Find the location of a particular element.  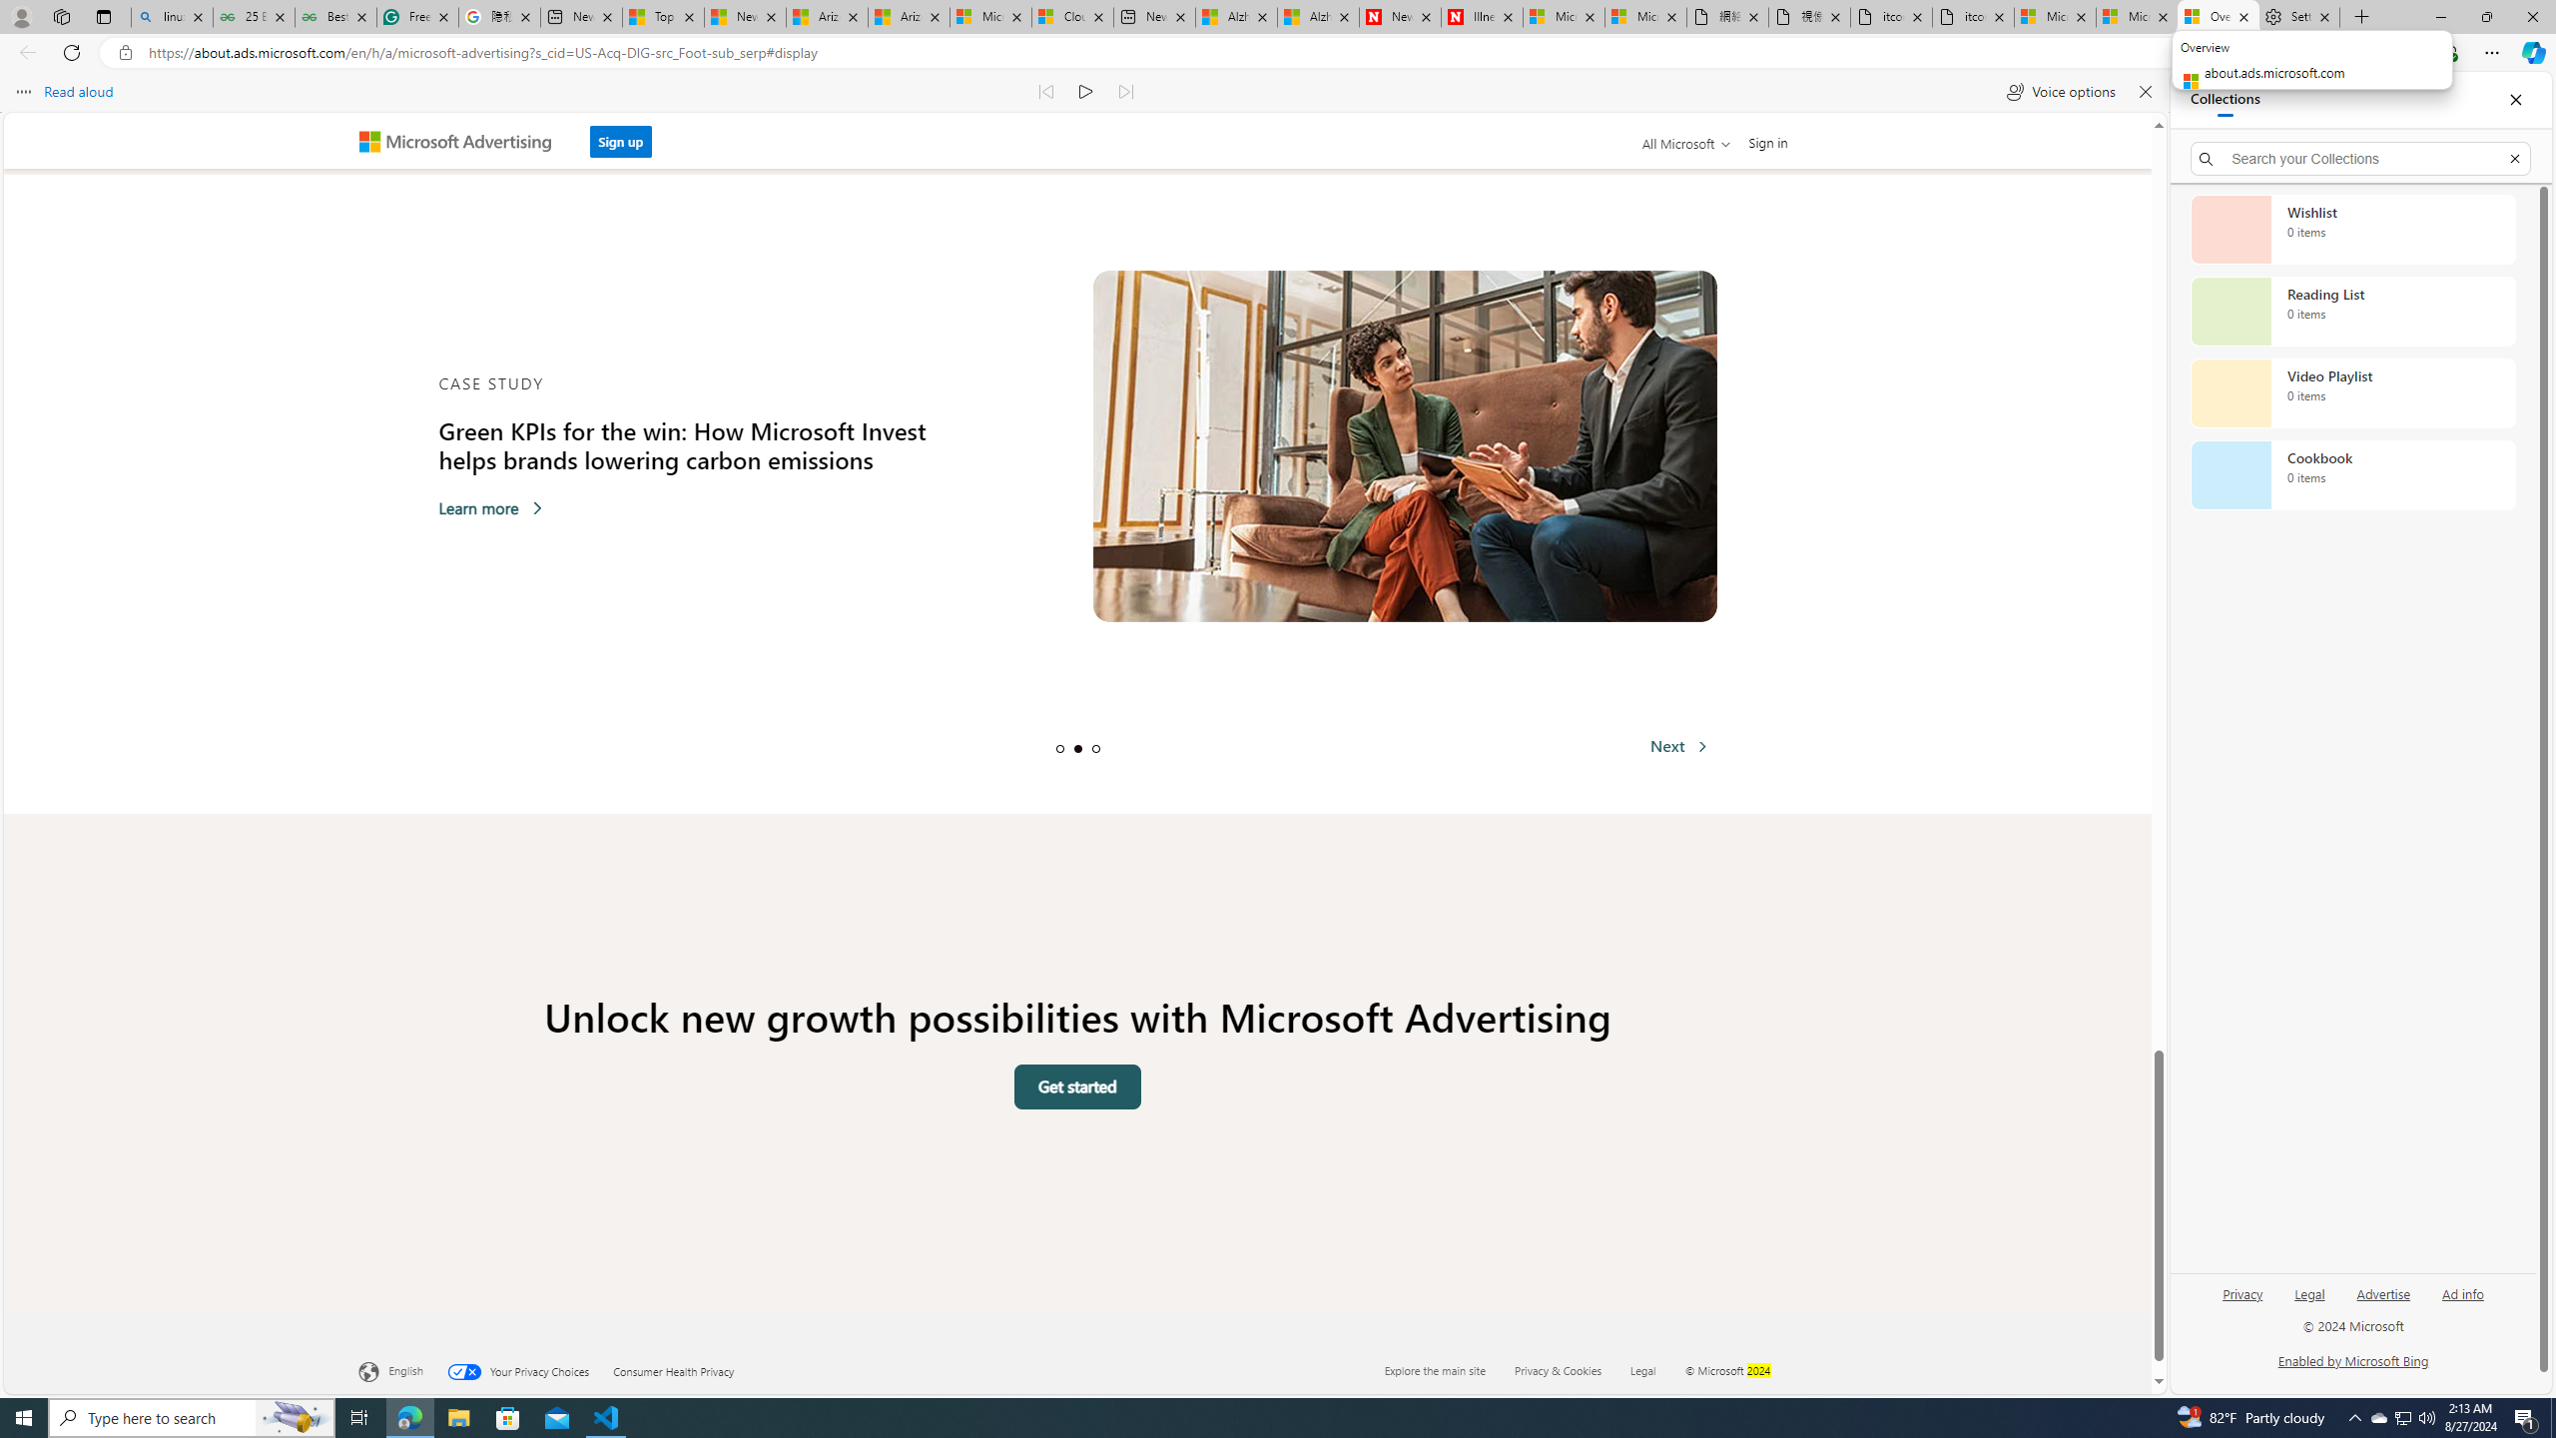

'Slide 1' is located at coordinates (1058, 747).